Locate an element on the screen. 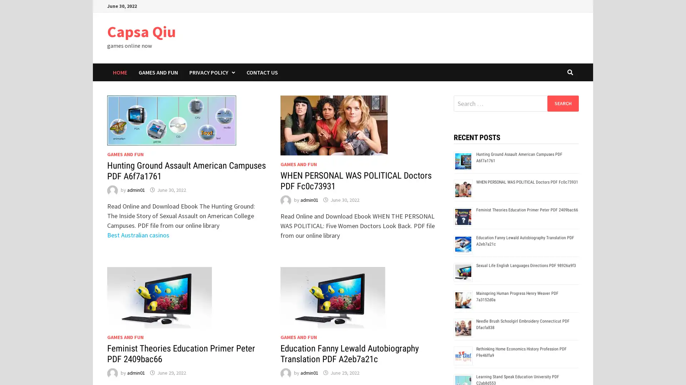  Search is located at coordinates (562, 103).